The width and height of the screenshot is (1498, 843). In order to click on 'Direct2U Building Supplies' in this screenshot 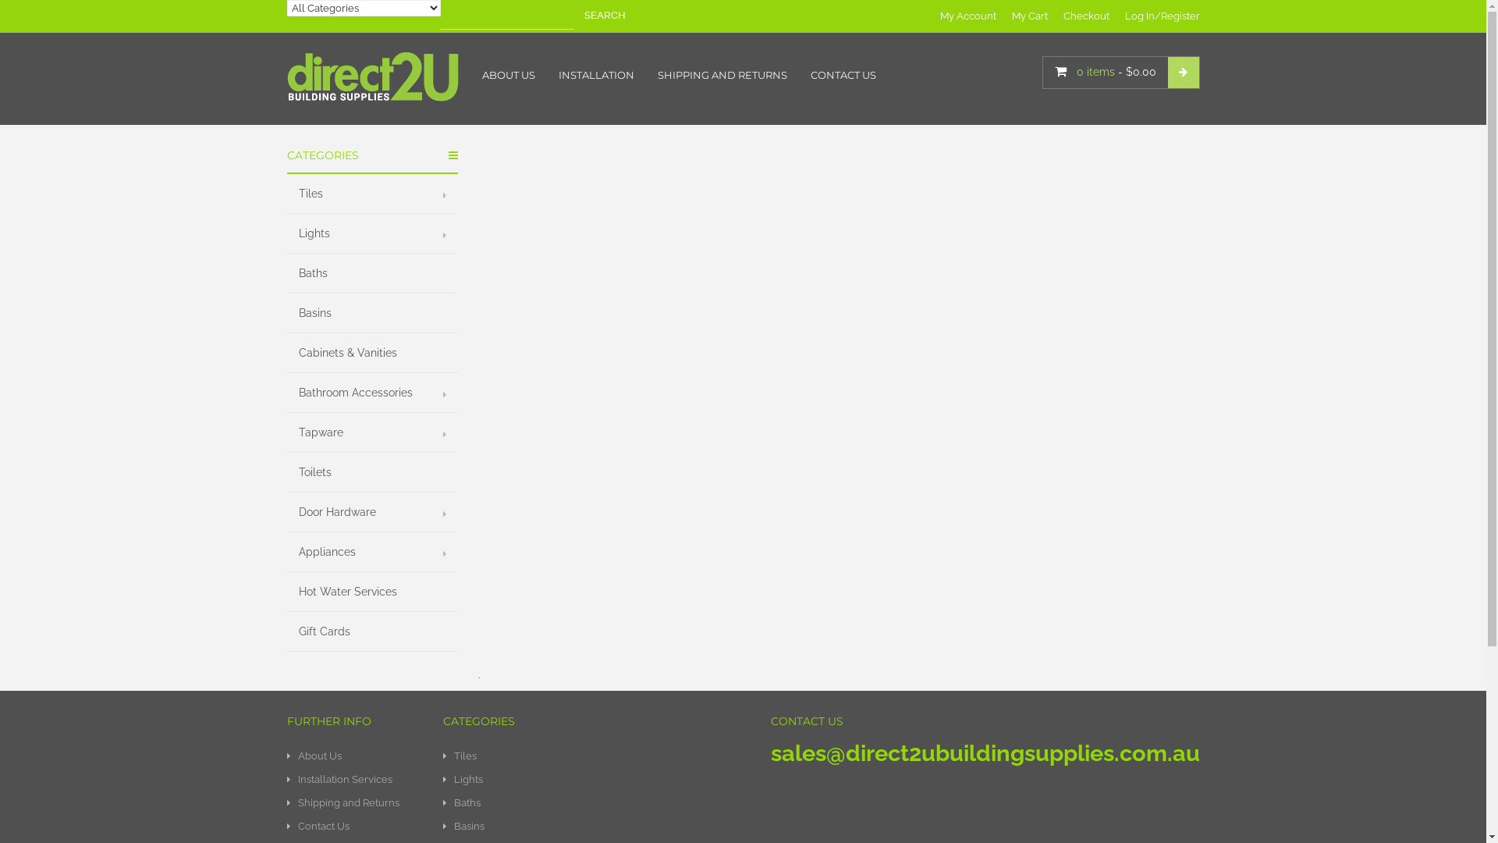, I will do `click(287, 76)`.